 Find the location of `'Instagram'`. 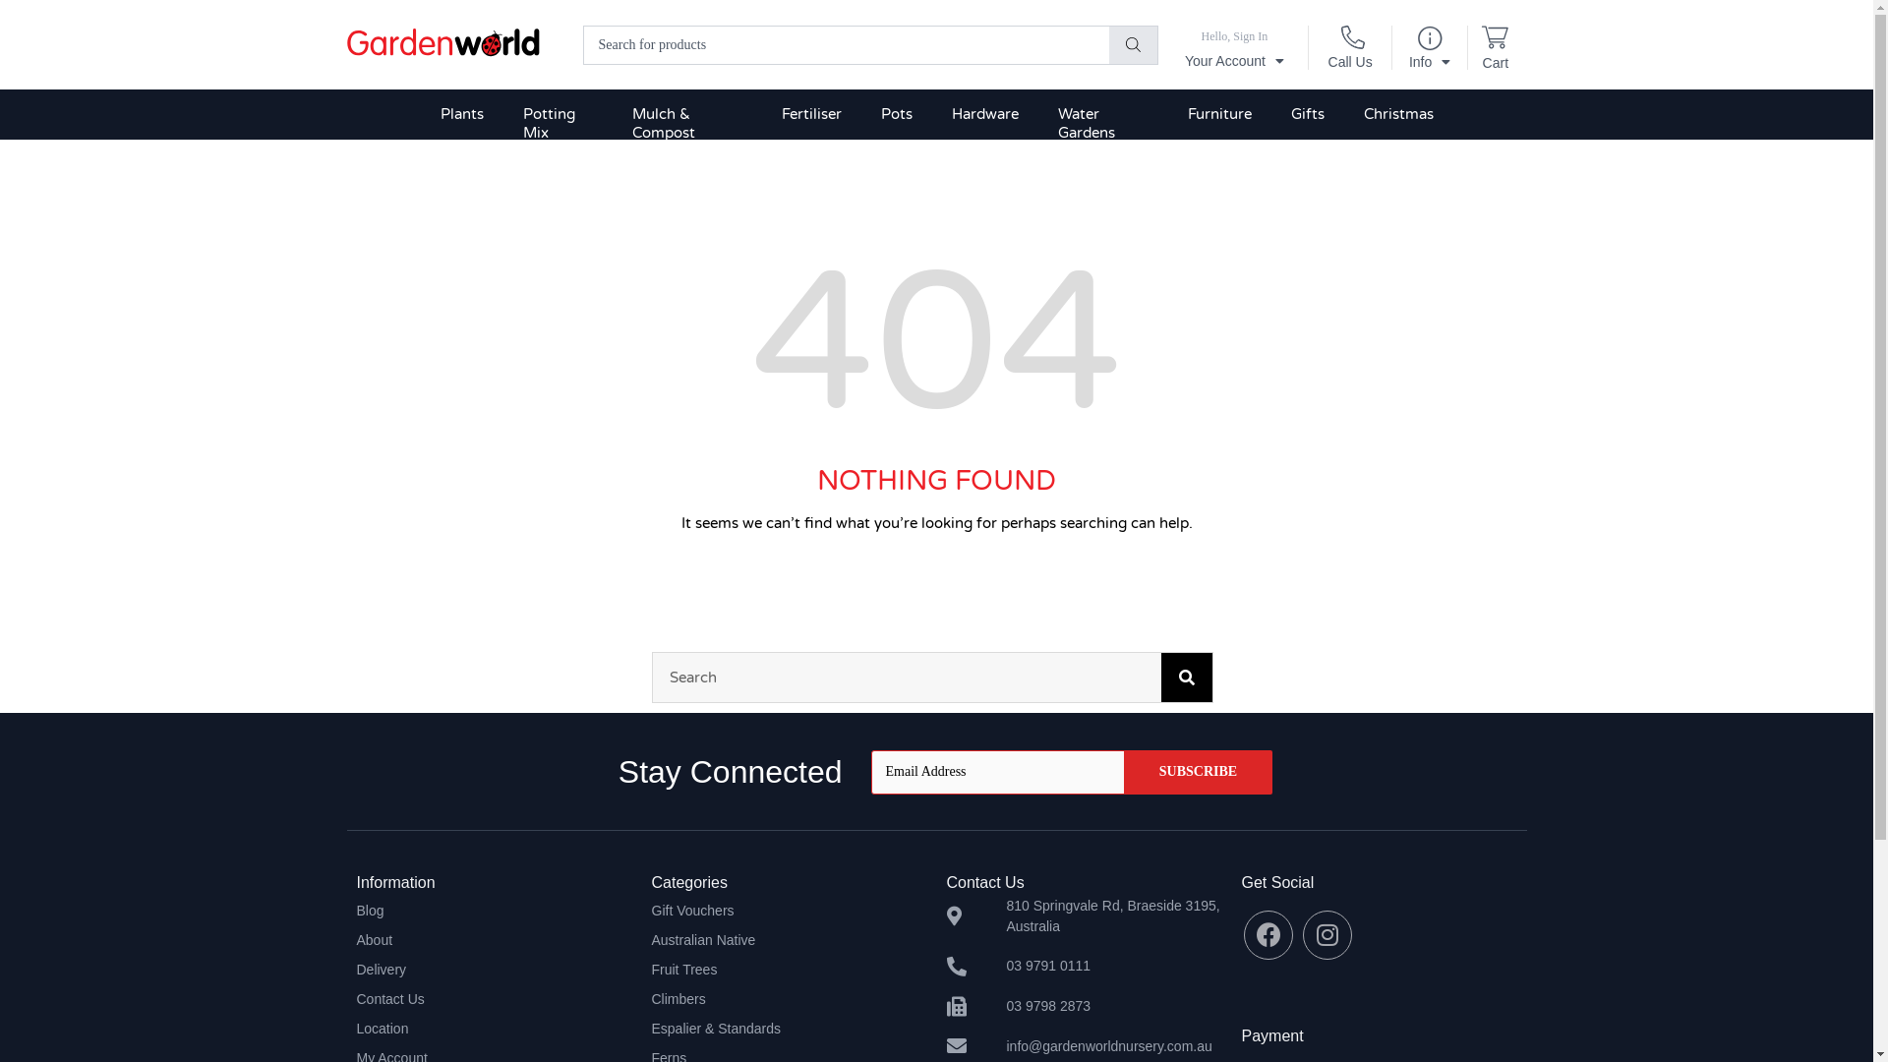

'Instagram' is located at coordinates (1327, 934).